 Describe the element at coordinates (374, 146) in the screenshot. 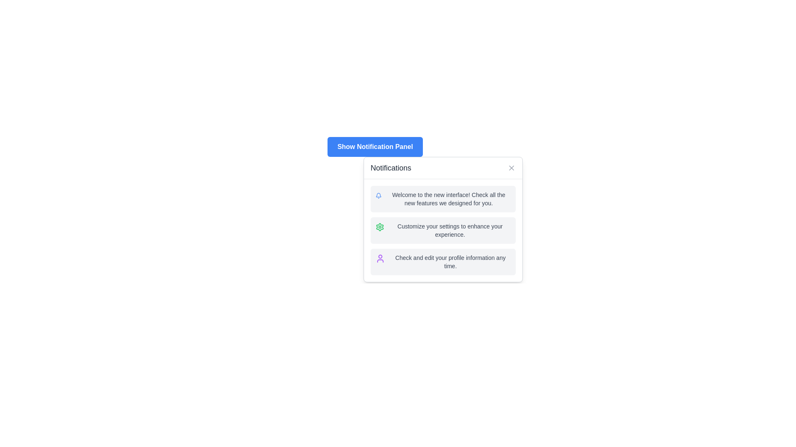

I see `the button labeled 'Show Notification Panel' which has a blue background and white text` at that location.